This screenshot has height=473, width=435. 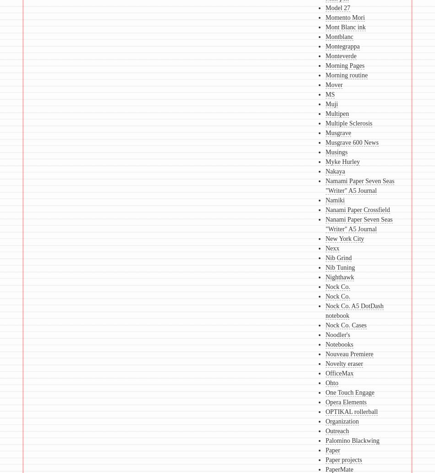 What do you see at coordinates (349, 392) in the screenshot?
I see `'One Touch Engage'` at bounding box center [349, 392].